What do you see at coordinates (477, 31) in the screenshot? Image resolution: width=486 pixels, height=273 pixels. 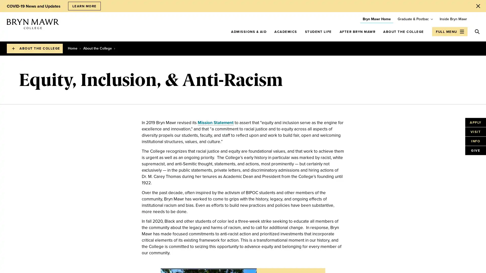 I see `Search` at bounding box center [477, 31].